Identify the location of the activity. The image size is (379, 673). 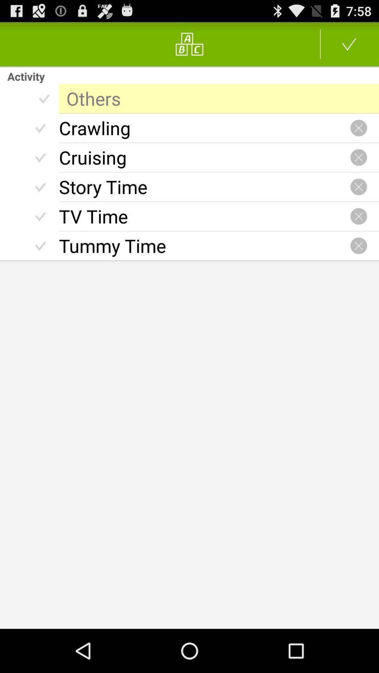
(359, 246).